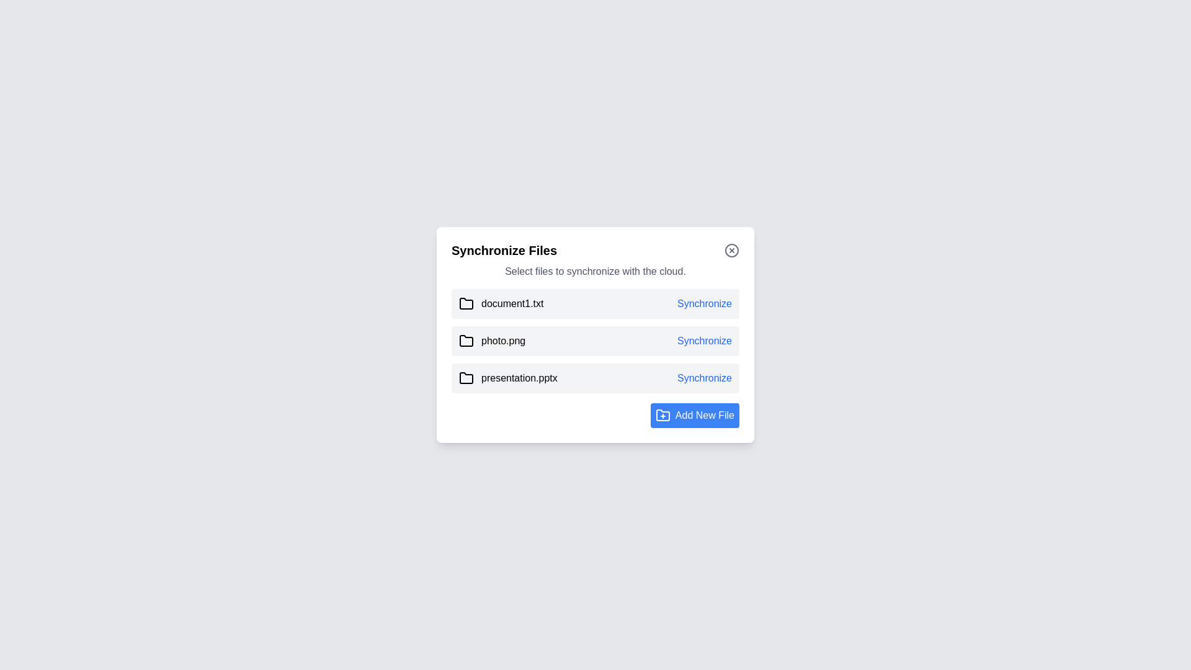 This screenshot has height=670, width=1191. What do you see at coordinates (732, 251) in the screenshot?
I see `the close button to hide the dialog` at bounding box center [732, 251].